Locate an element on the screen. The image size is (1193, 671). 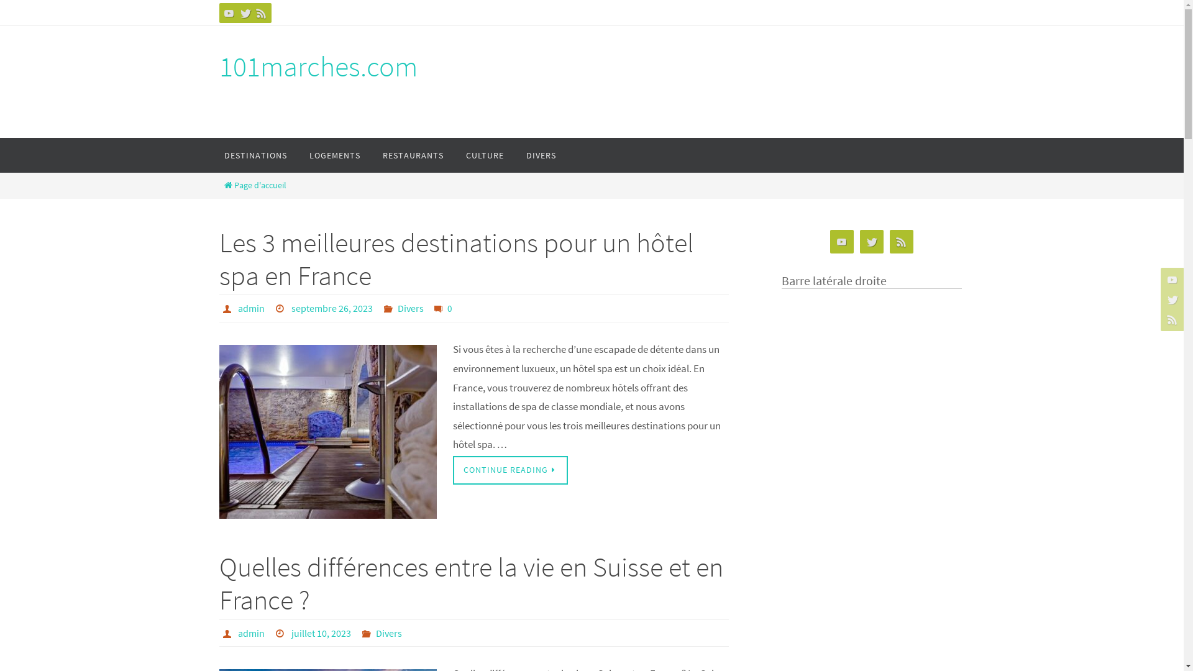
'YouTube' is located at coordinates (841, 242).